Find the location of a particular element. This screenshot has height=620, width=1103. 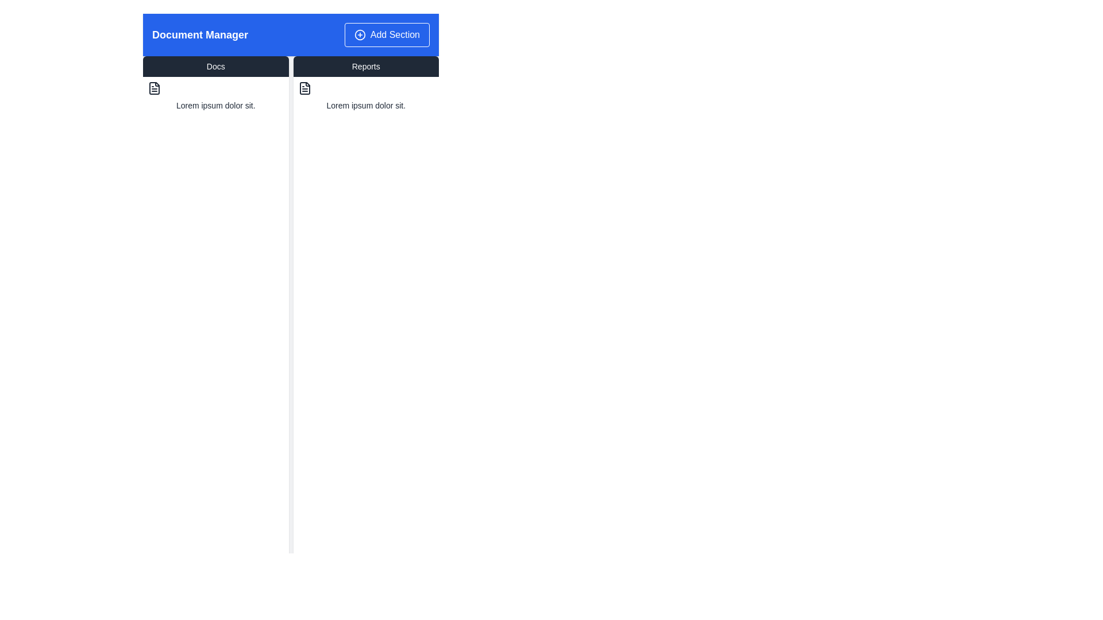

the 'Docs' button, which is a rectangular button with a dark gray background and white text, positioned to the left of the 'Reports' button is located at coordinates (215, 66).